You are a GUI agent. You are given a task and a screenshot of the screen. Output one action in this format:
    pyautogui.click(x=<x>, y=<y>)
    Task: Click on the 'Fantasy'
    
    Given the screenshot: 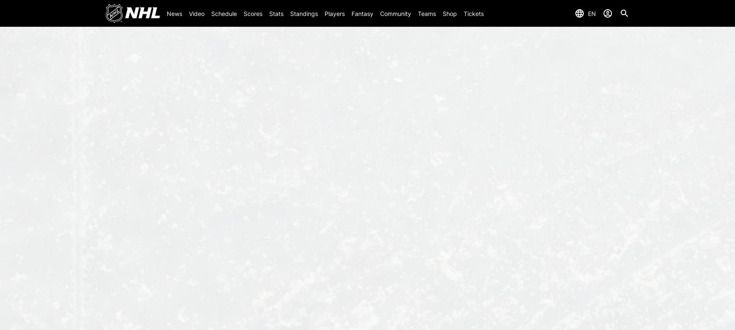 What is the action you would take?
    pyautogui.click(x=362, y=13)
    